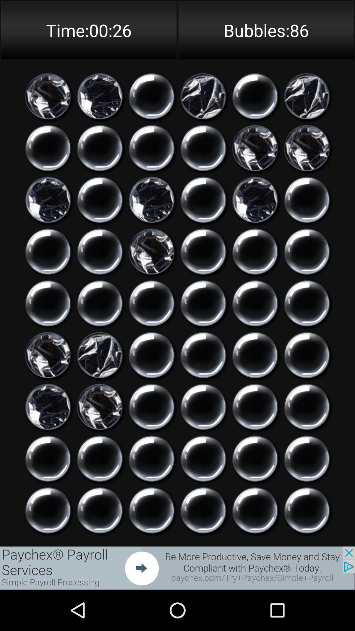 The width and height of the screenshot is (355, 631). What do you see at coordinates (307, 510) in the screenshot?
I see `click on icon` at bounding box center [307, 510].